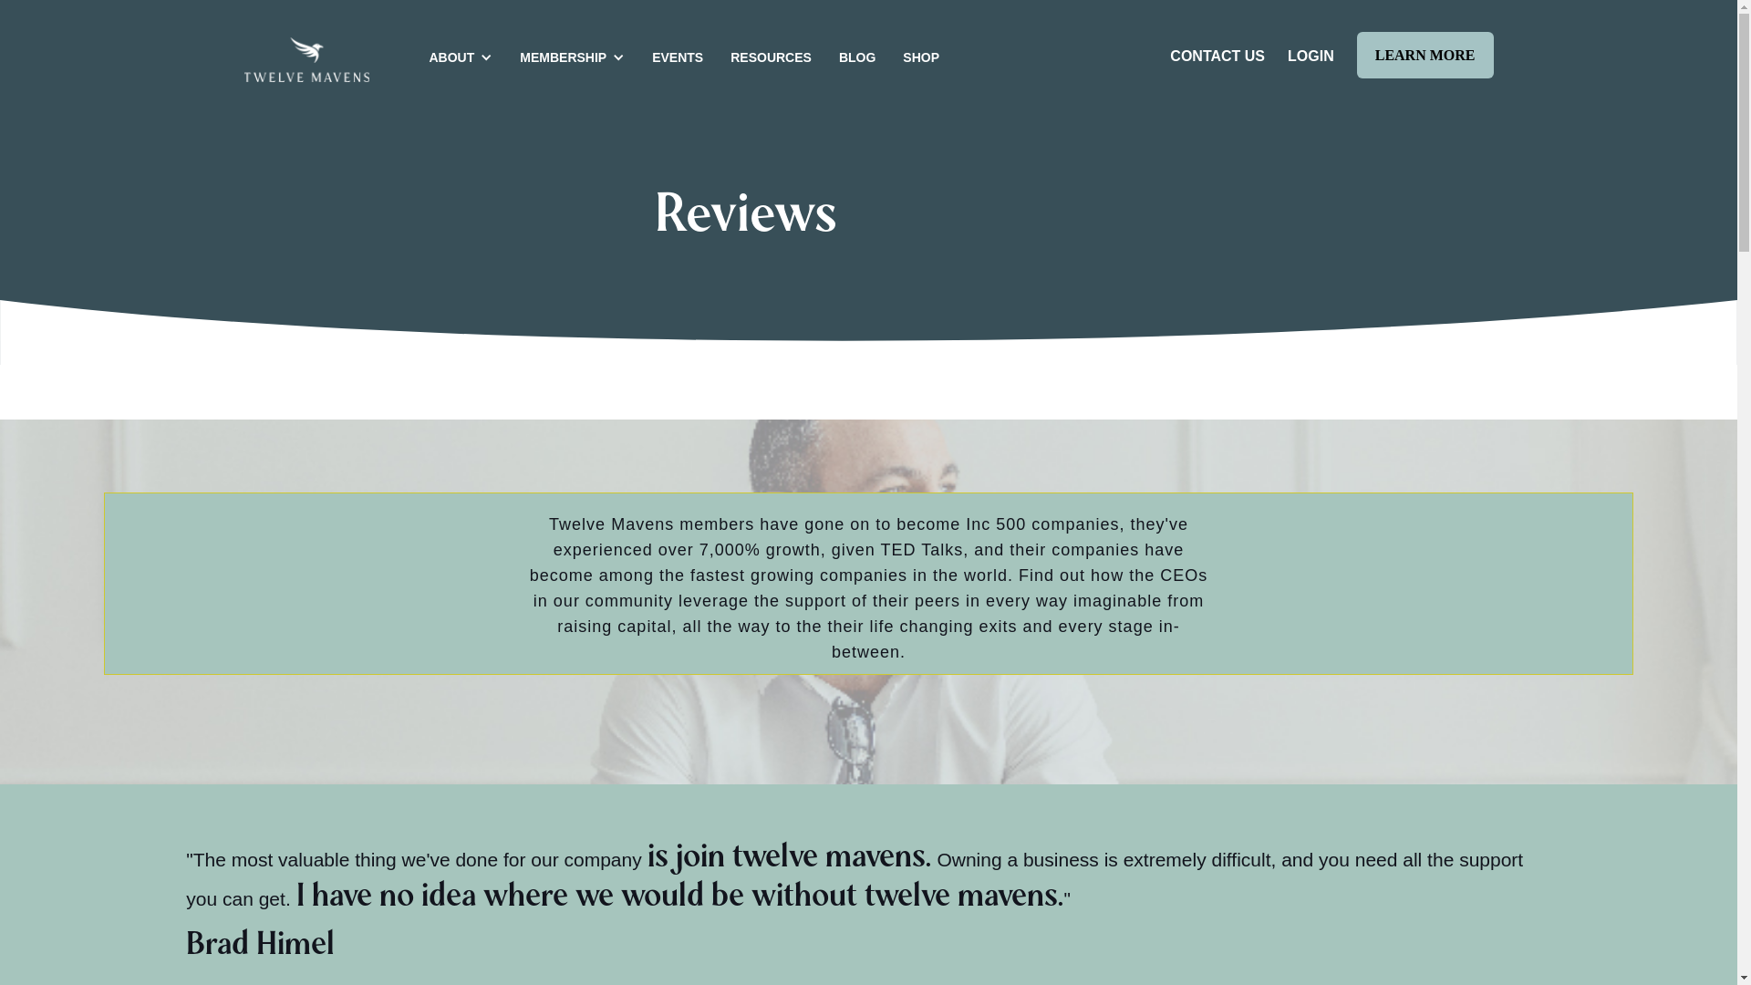  What do you see at coordinates (916, 55) in the screenshot?
I see `'SHOP'` at bounding box center [916, 55].